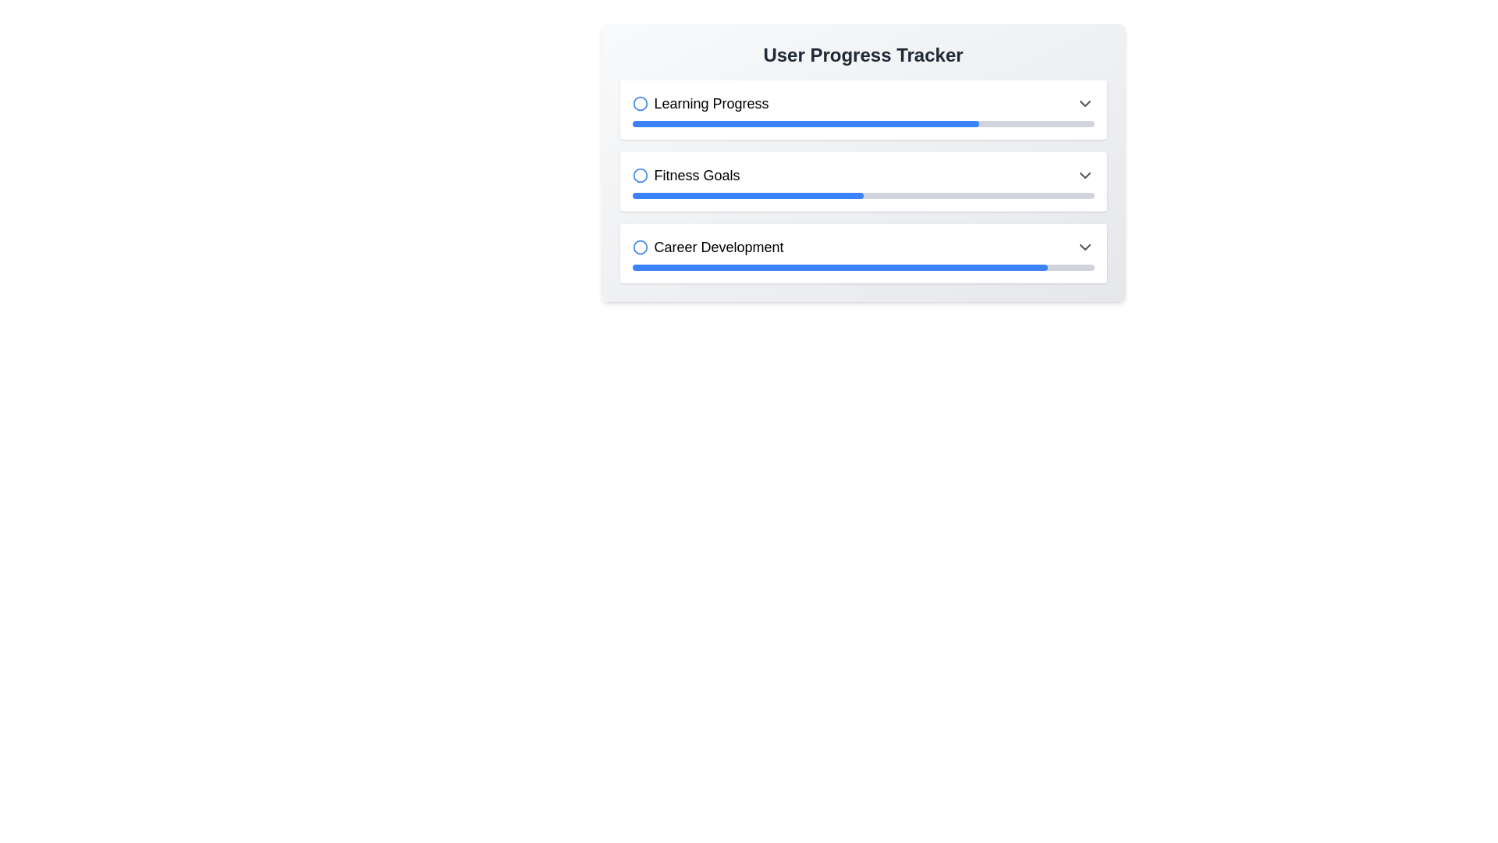 The image size is (1498, 843). Describe the element at coordinates (805, 123) in the screenshot. I see `the blue progress bar within the 'Learning Progress' section, which is segmented and has rounded ends` at that location.